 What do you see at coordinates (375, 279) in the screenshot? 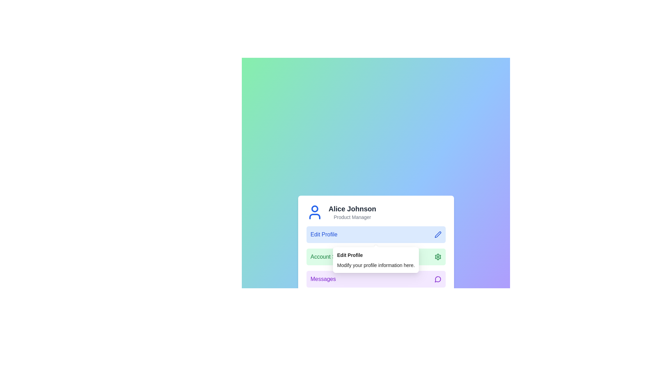
I see `the 'Messages' button located at the bottom of the vertical list of options within the white card component` at bounding box center [375, 279].